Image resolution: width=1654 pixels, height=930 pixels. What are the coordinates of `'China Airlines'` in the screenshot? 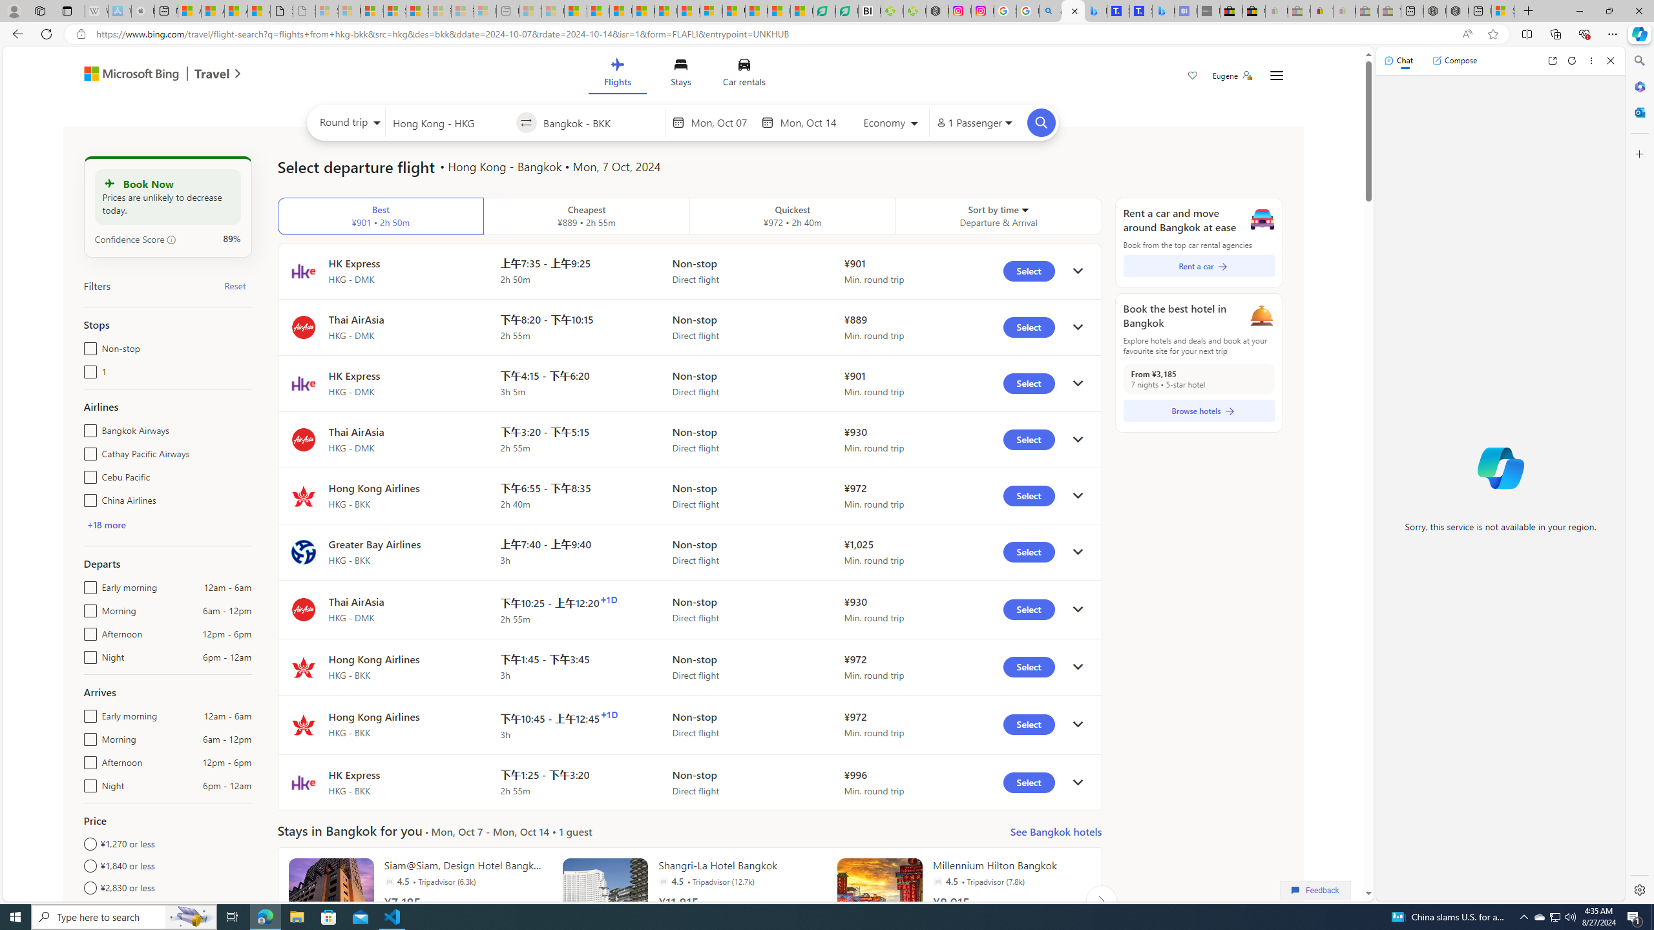 It's located at (87, 497).